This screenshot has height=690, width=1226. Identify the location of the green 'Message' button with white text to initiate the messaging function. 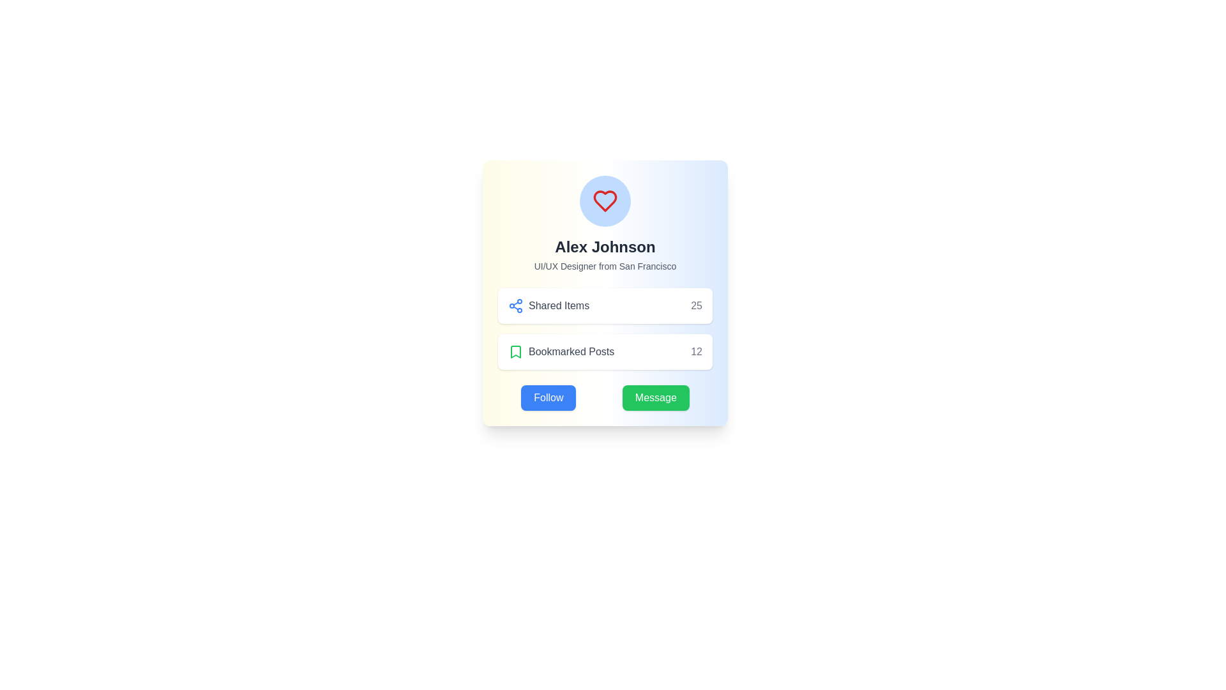
(656, 397).